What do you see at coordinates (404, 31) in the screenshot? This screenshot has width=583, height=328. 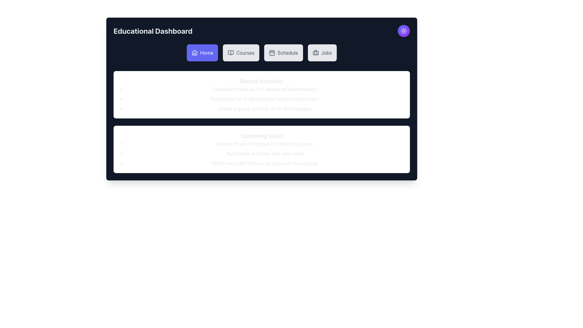 I see `the circular button with a sun icon located on the right end of the interface header, next to the 'Educational Dashboard' title` at bounding box center [404, 31].